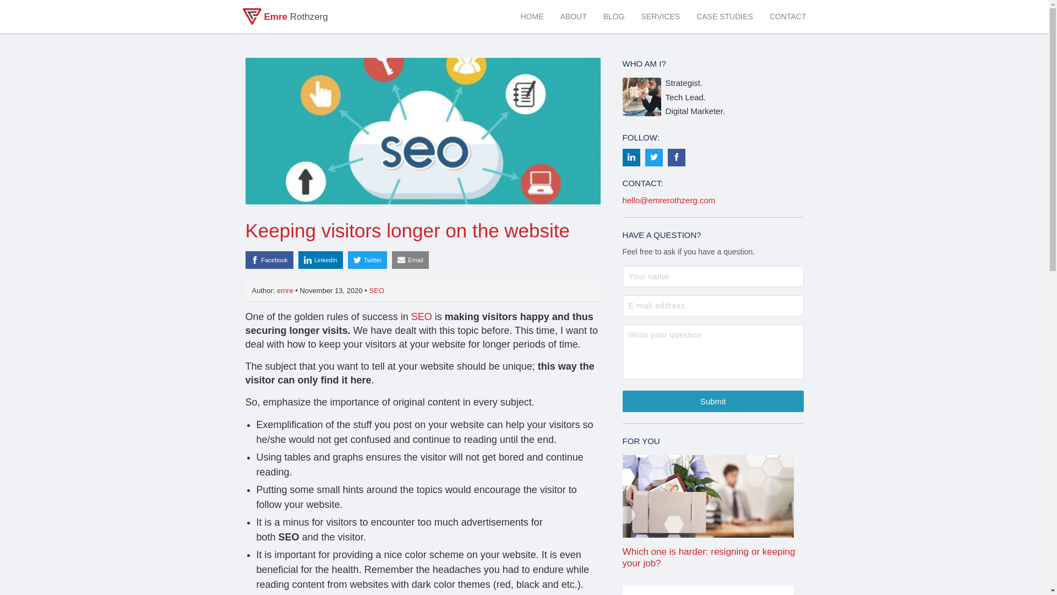 The width and height of the screenshot is (1057, 595). Describe the element at coordinates (376, 290) in the screenshot. I see `'SEO'` at that location.